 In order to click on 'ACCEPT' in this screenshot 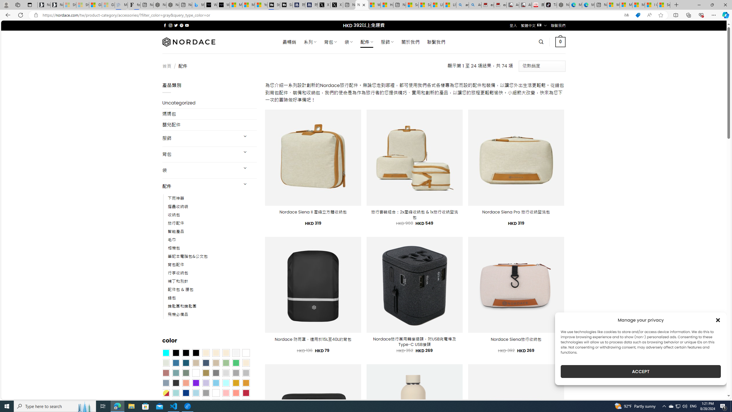, I will do `click(641, 371)`.